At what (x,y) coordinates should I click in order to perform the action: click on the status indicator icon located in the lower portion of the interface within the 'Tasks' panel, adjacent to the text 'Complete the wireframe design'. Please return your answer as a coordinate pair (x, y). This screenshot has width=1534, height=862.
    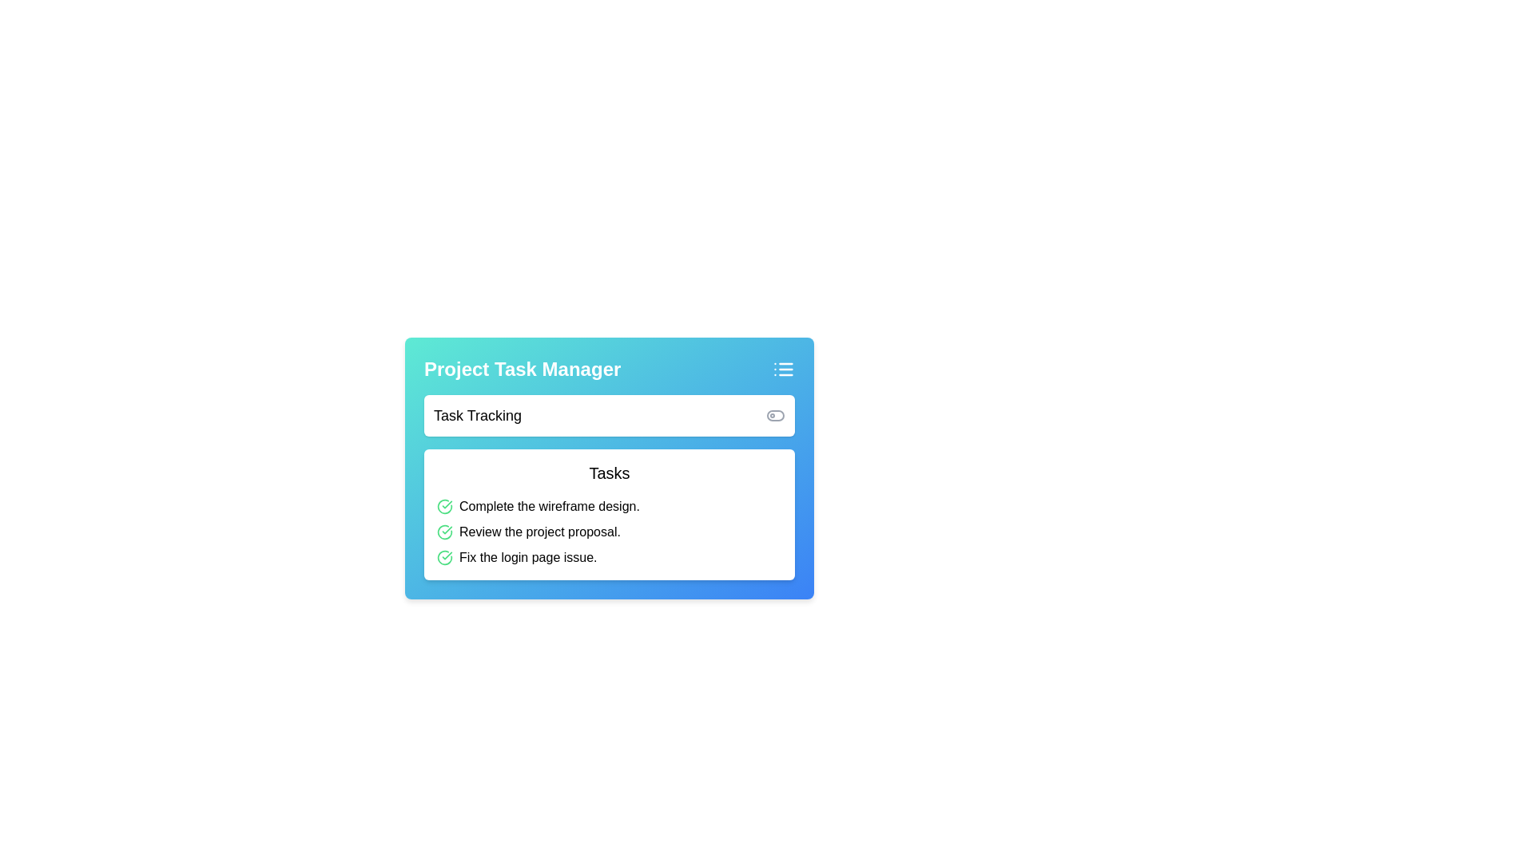
    Looking at the image, I should click on (444, 556).